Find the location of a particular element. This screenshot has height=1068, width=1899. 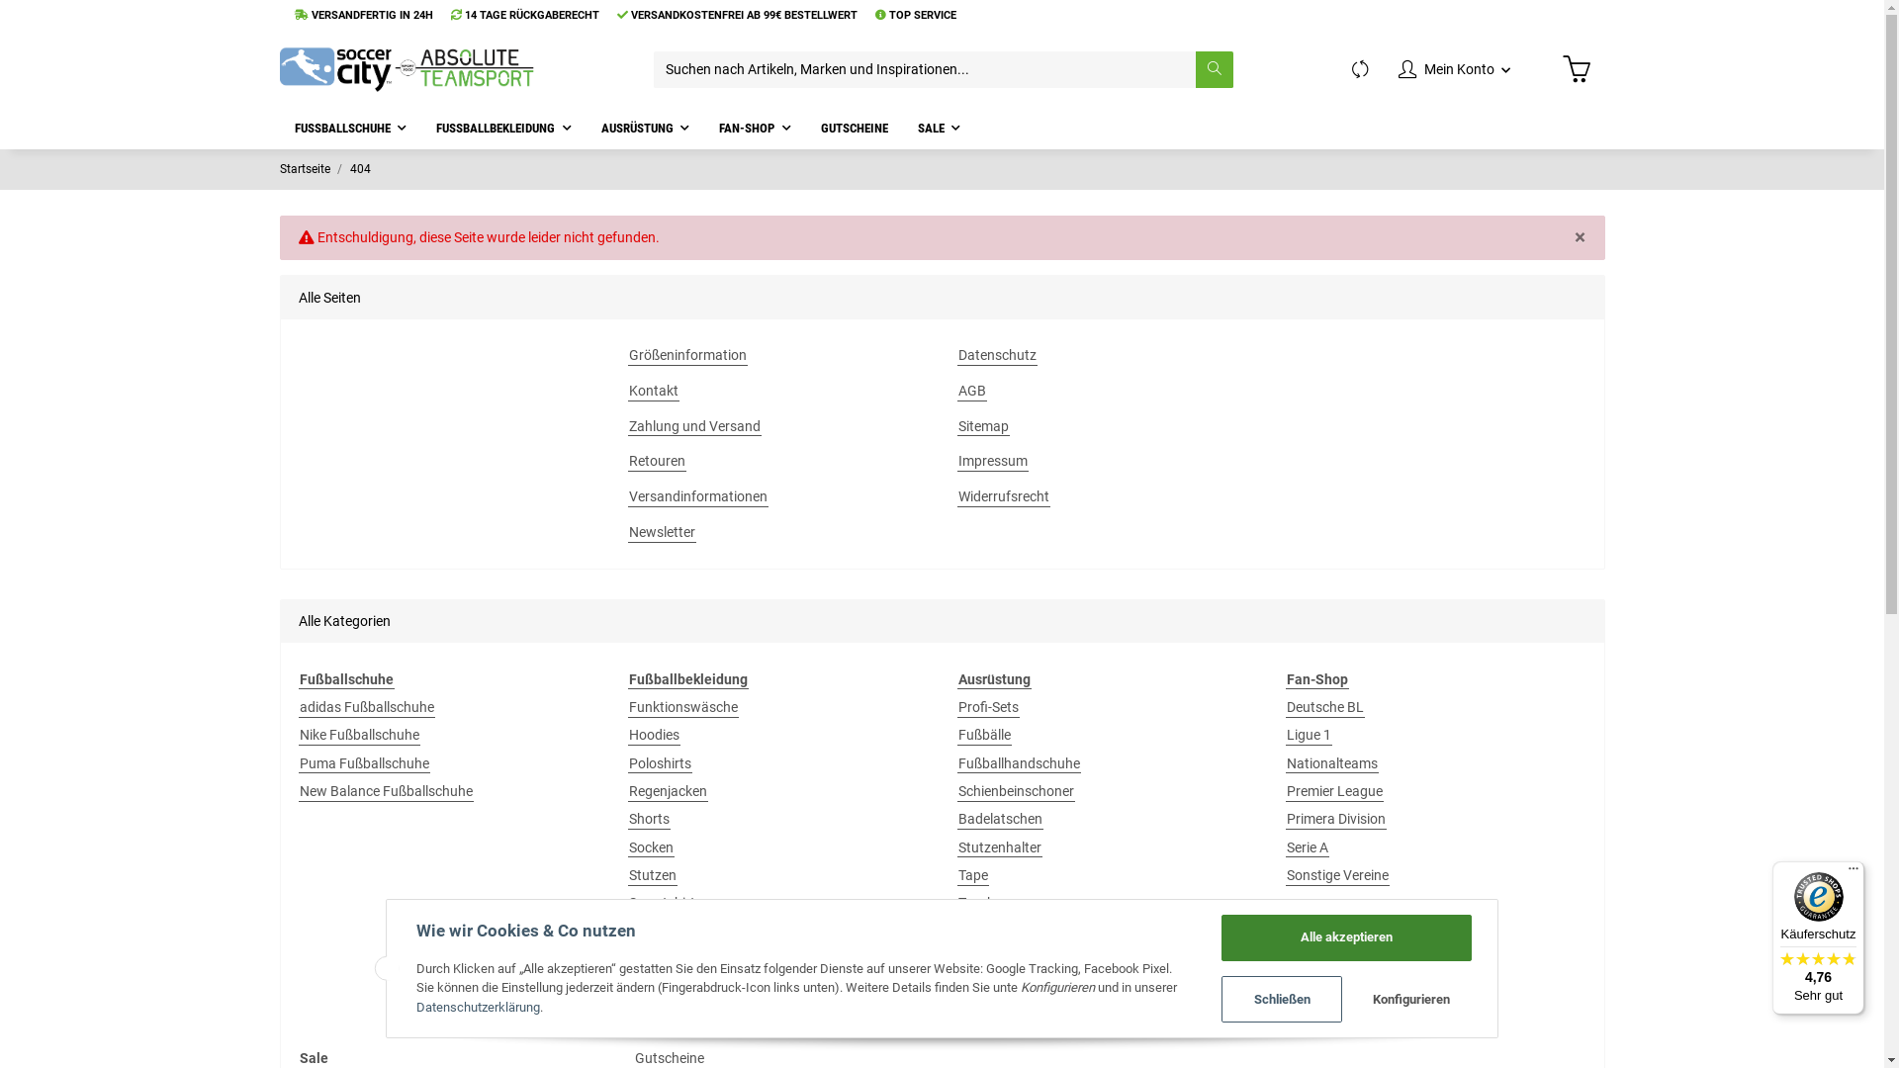

'Mein Konto' is located at coordinates (1454, 68).